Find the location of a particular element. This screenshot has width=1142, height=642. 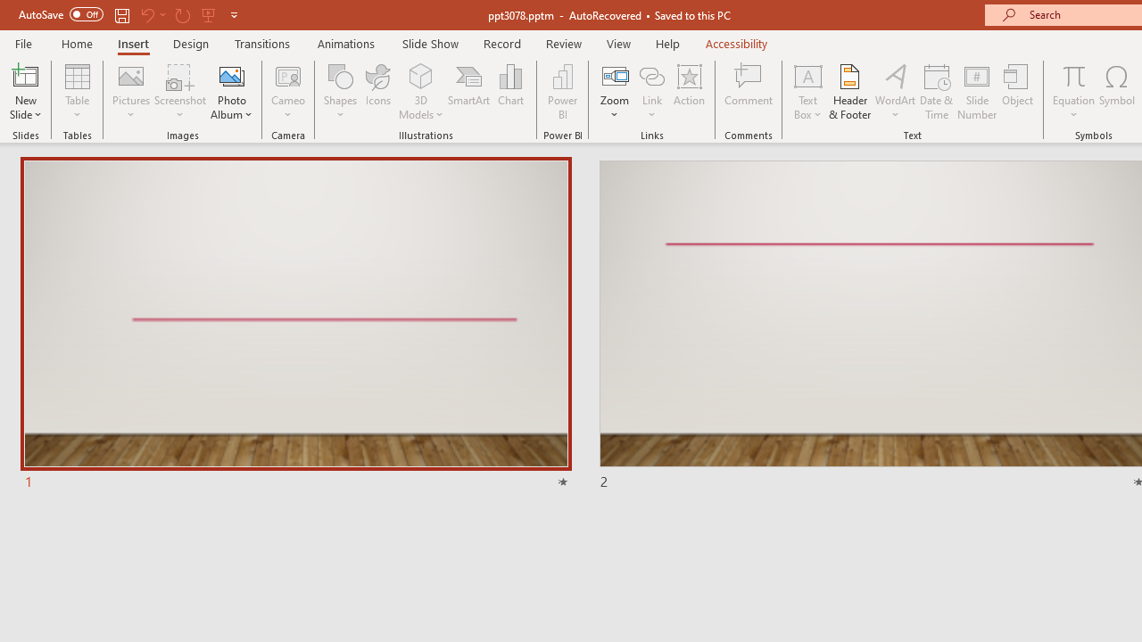

'Draw Horizontal Text Box' is located at coordinates (807, 75).